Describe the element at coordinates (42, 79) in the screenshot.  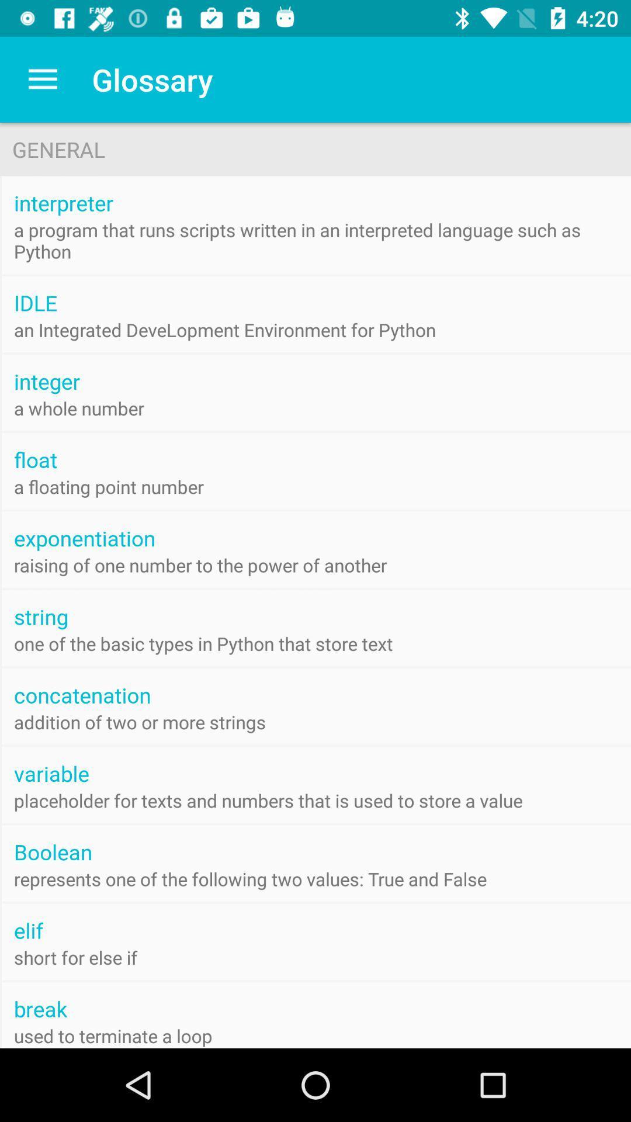
I see `icon next to the glossary icon` at that location.